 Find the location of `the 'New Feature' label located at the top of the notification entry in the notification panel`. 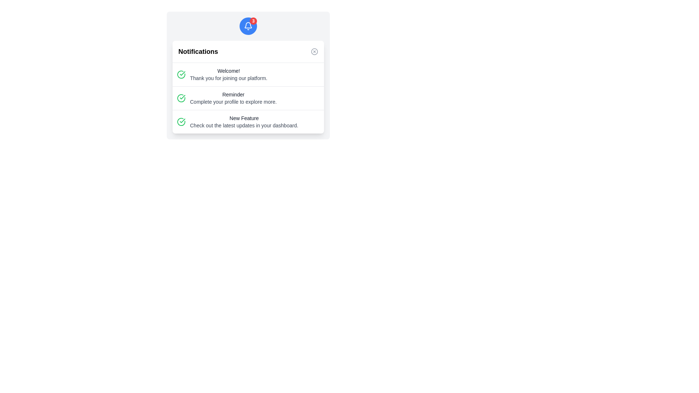

the 'New Feature' label located at the top of the notification entry in the notification panel is located at coordinates (244, 118).